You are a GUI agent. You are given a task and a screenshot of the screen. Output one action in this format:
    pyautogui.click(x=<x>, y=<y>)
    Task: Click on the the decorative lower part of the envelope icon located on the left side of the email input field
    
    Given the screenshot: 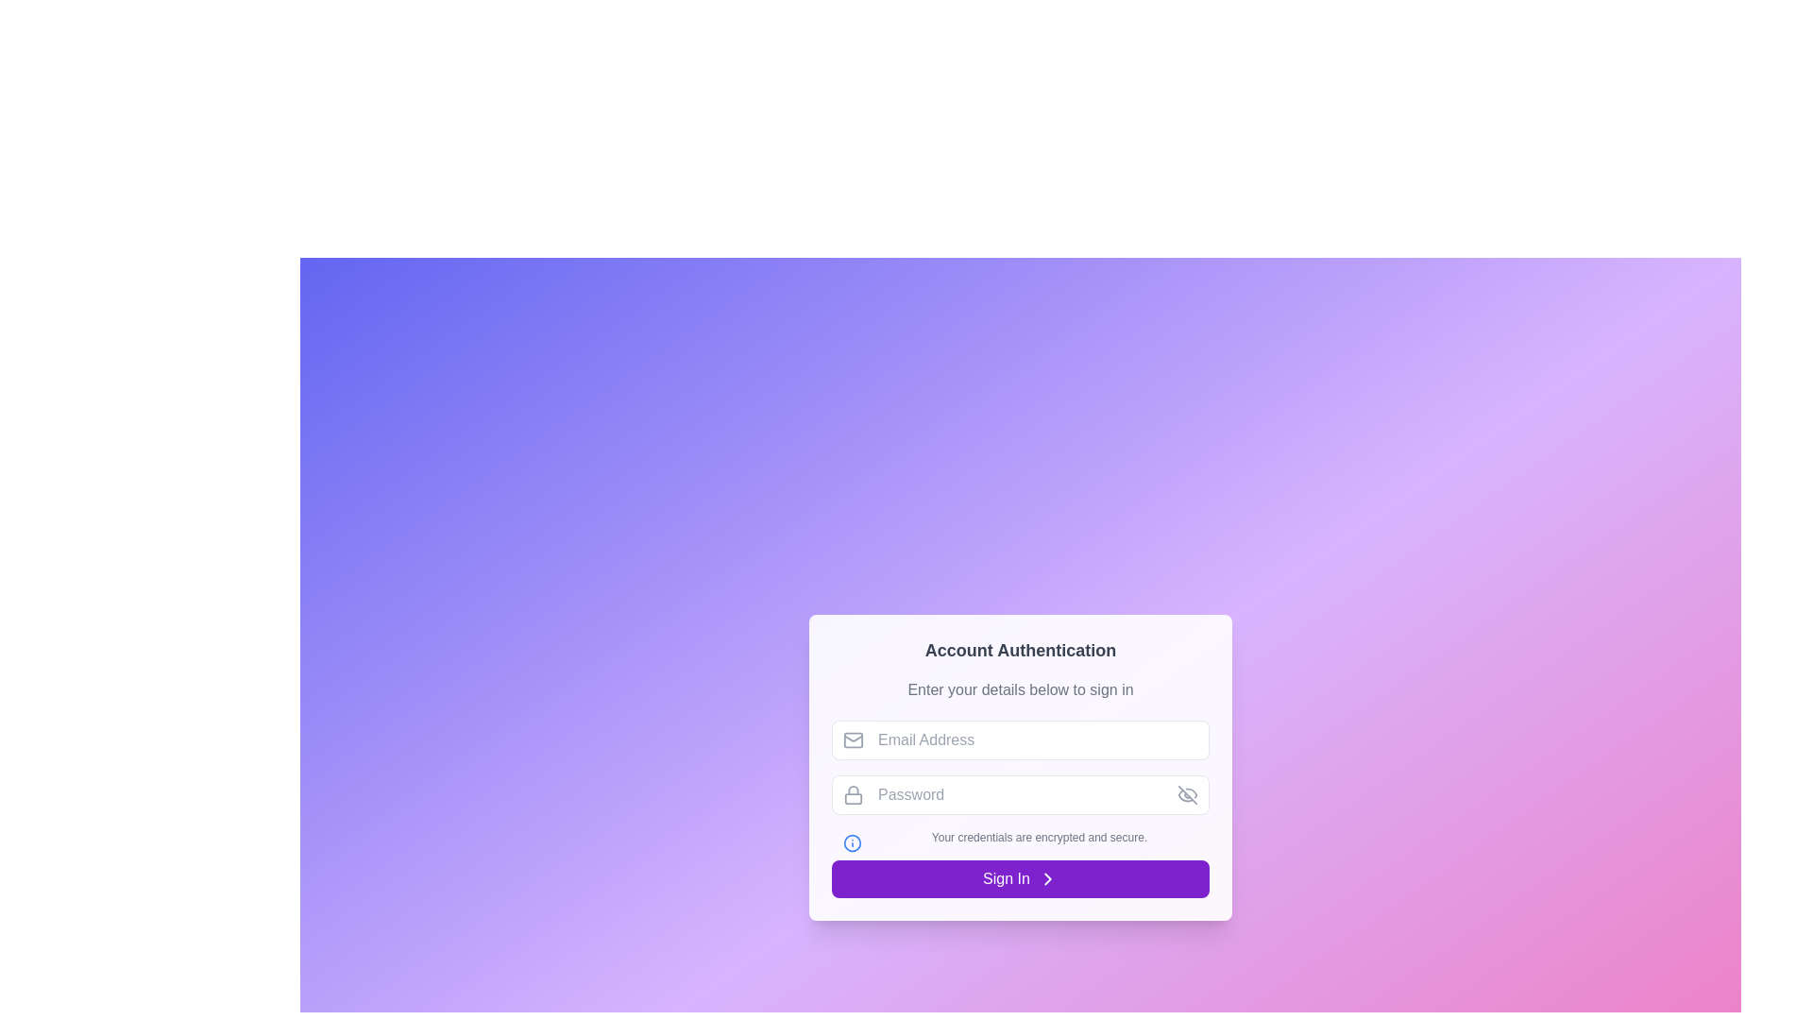 What is the action you would take?
    pyautogui.click(x=852, y=738)
    